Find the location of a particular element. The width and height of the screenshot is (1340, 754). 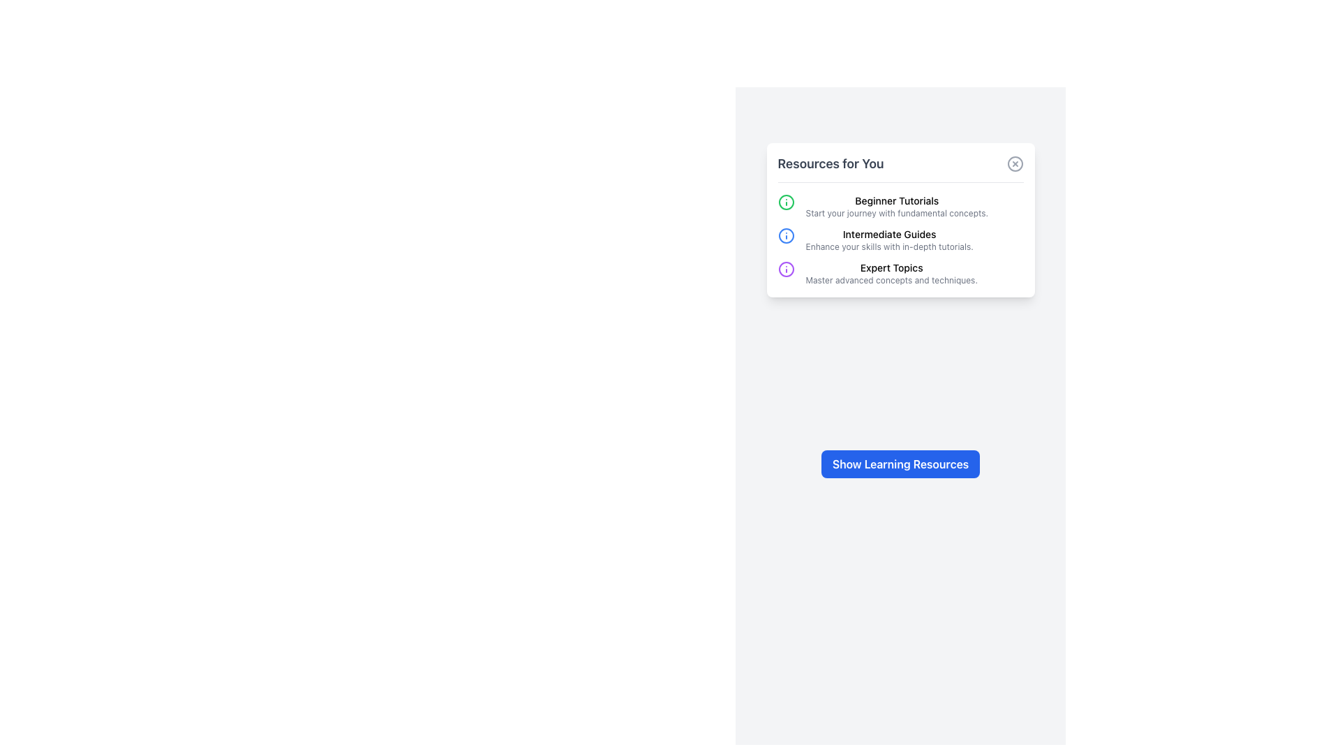

the descriptive text that provides additional information about the 'Beginner Tutorials' section, located beneath the title within the 'Resources for You' card is located at coordinates (897, 213).